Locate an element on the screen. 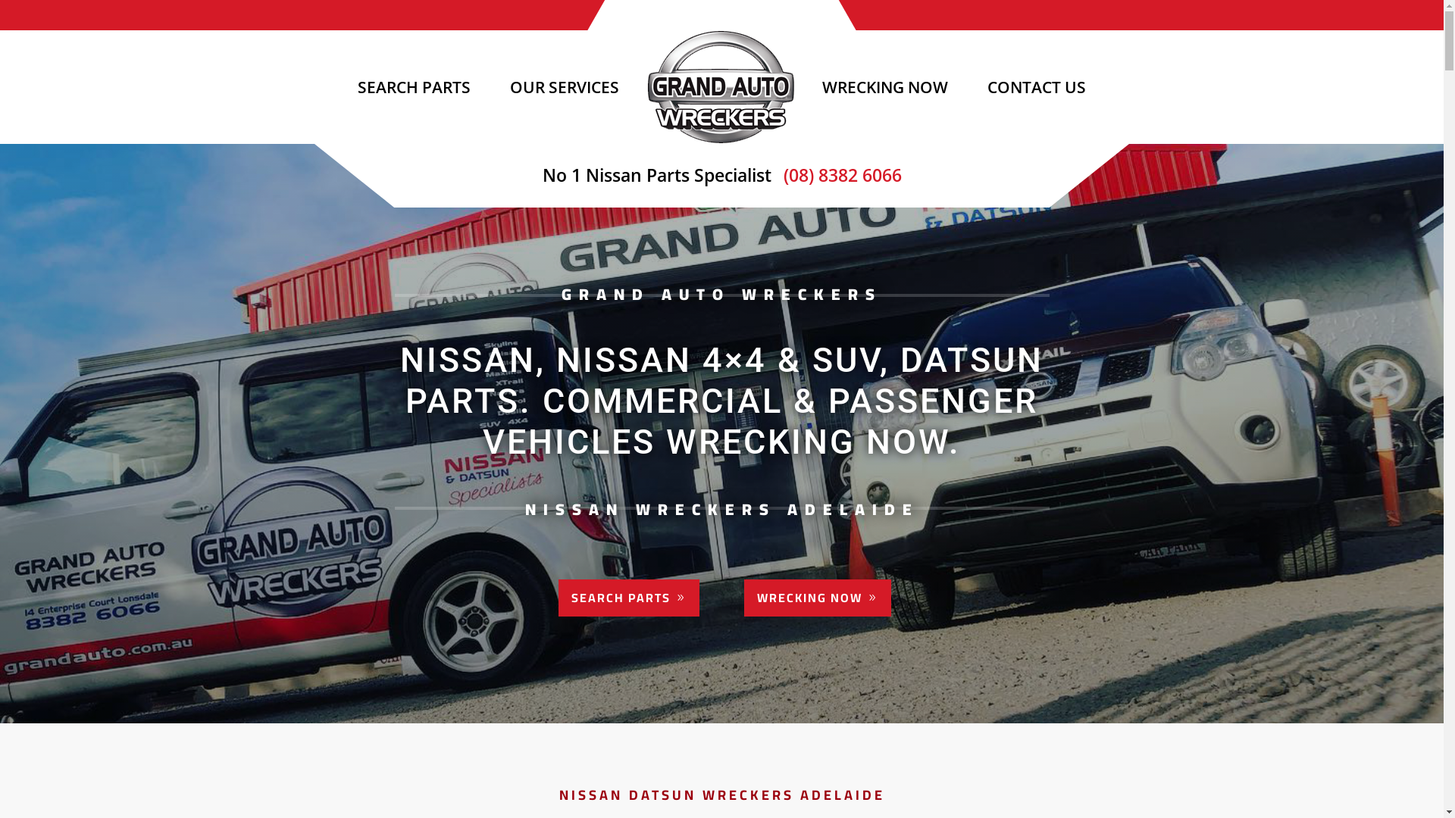 The height and width of the screenshot is (818, 1455). 'WRECKING NOW' is located at coordinates (744, 597).